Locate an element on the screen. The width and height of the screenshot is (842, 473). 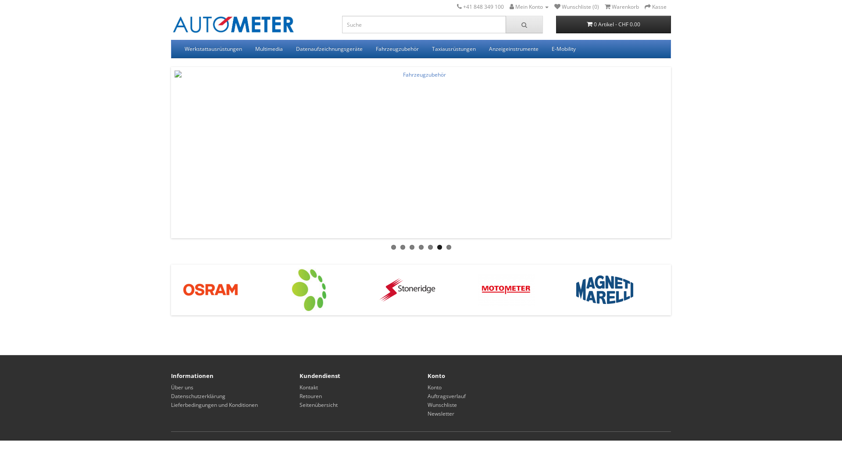
'AUTO METER AG ' is located at coordinates (233, 25).